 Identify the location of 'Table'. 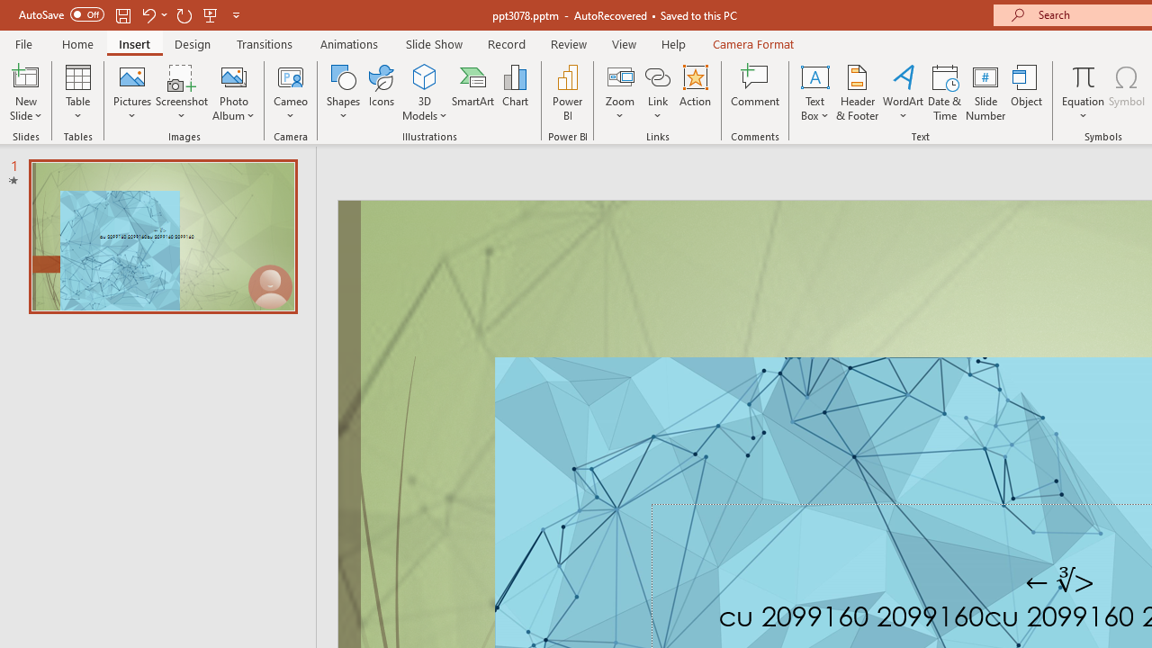
(77, 93).